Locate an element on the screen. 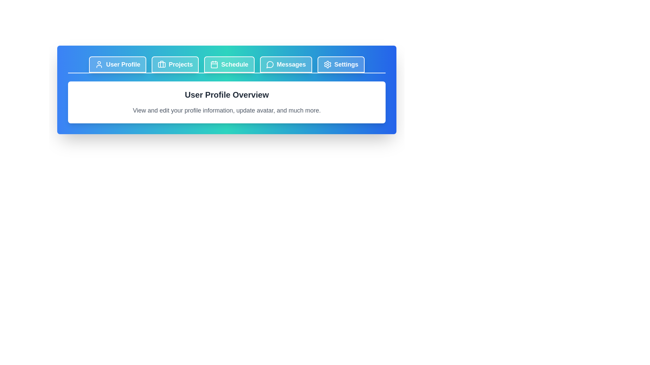 The height and width of the screenshot is (365, 650). the 'Schedule' navigation tab, which is the third tab in a horizontal navigation bar is located at coordinates (227, 65).